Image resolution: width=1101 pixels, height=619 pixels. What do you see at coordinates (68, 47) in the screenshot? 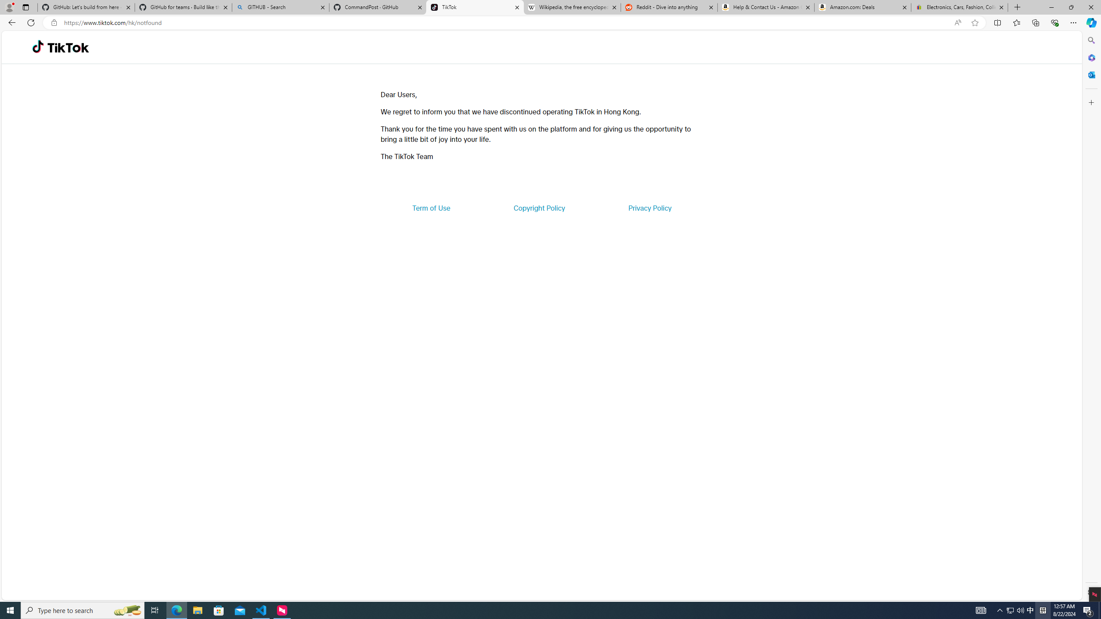
I see `'TikTok'` at bounding box center [68, 47].